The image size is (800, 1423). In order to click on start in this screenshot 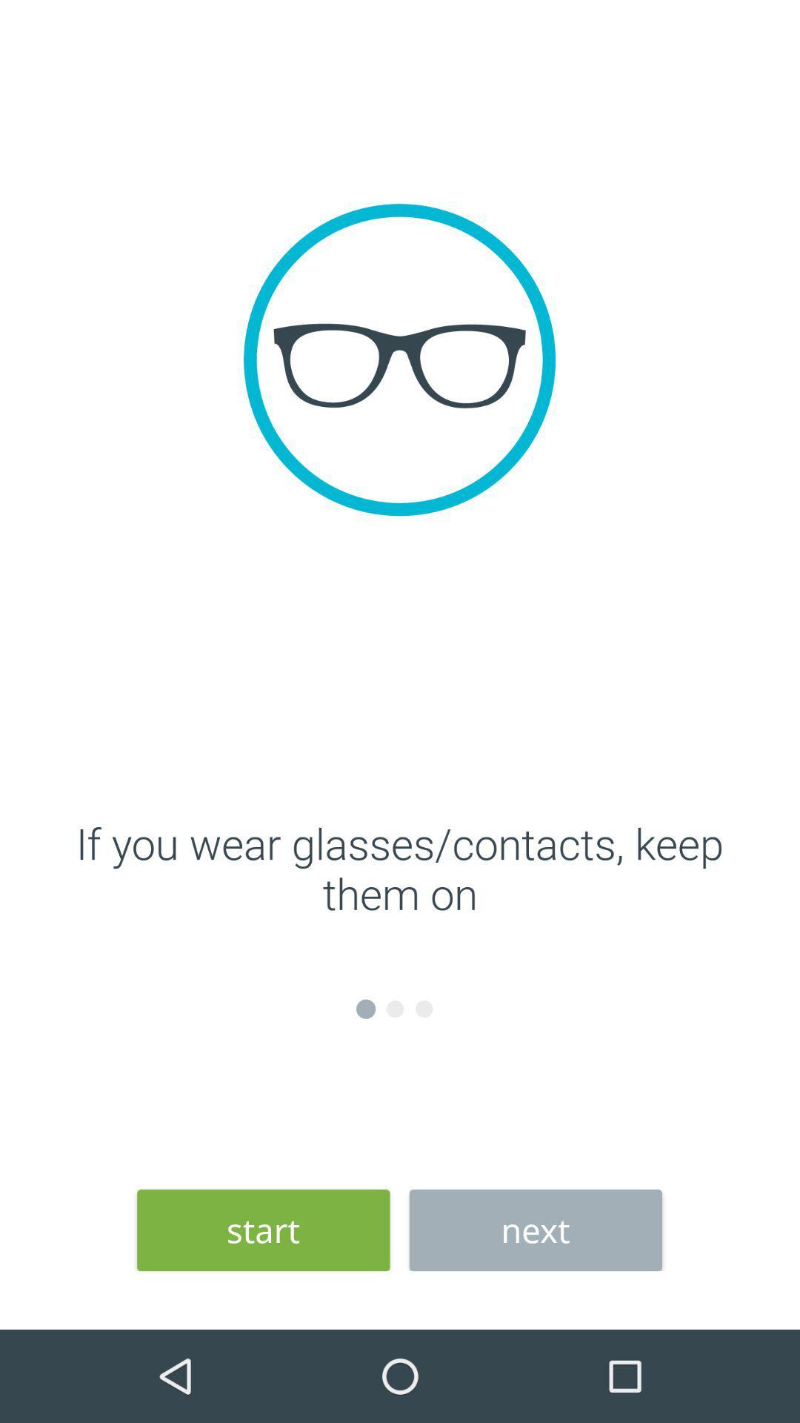, I will do `click(262, 1230)`.